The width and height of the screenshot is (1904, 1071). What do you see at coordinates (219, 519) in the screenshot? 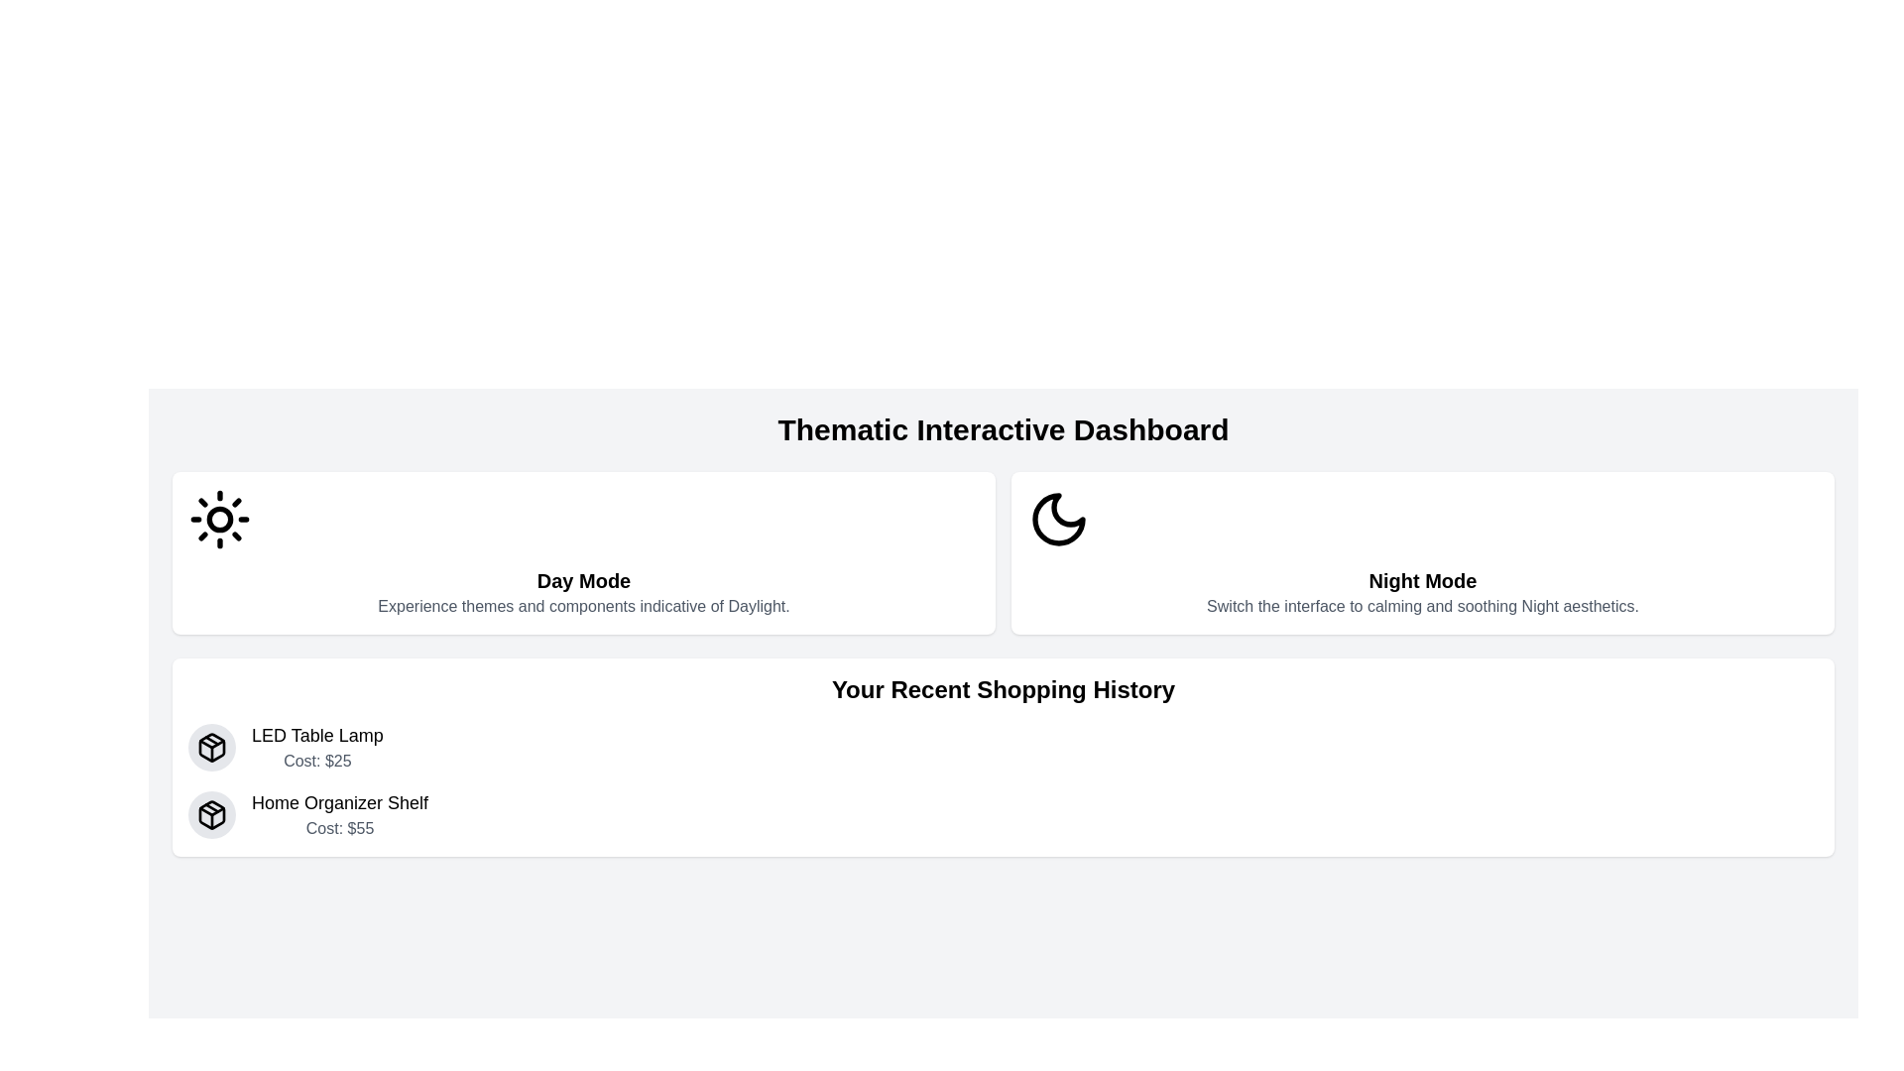
I see `the Decorative Icon Element located in the left panel of the top section titled 'Day Mode', which visually represents daylight themes` at bounding box center [219, 519].